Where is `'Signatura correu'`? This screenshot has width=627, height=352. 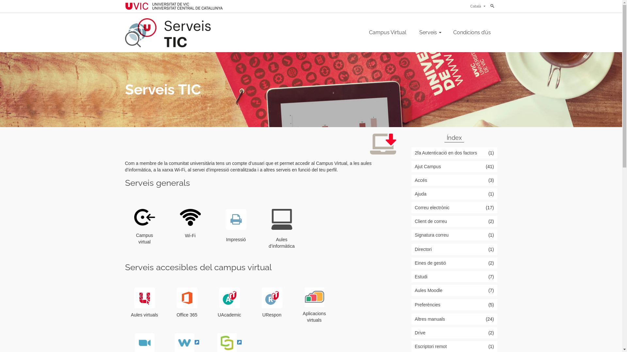
'Signatura correu' is located at coordinates (454, 235).